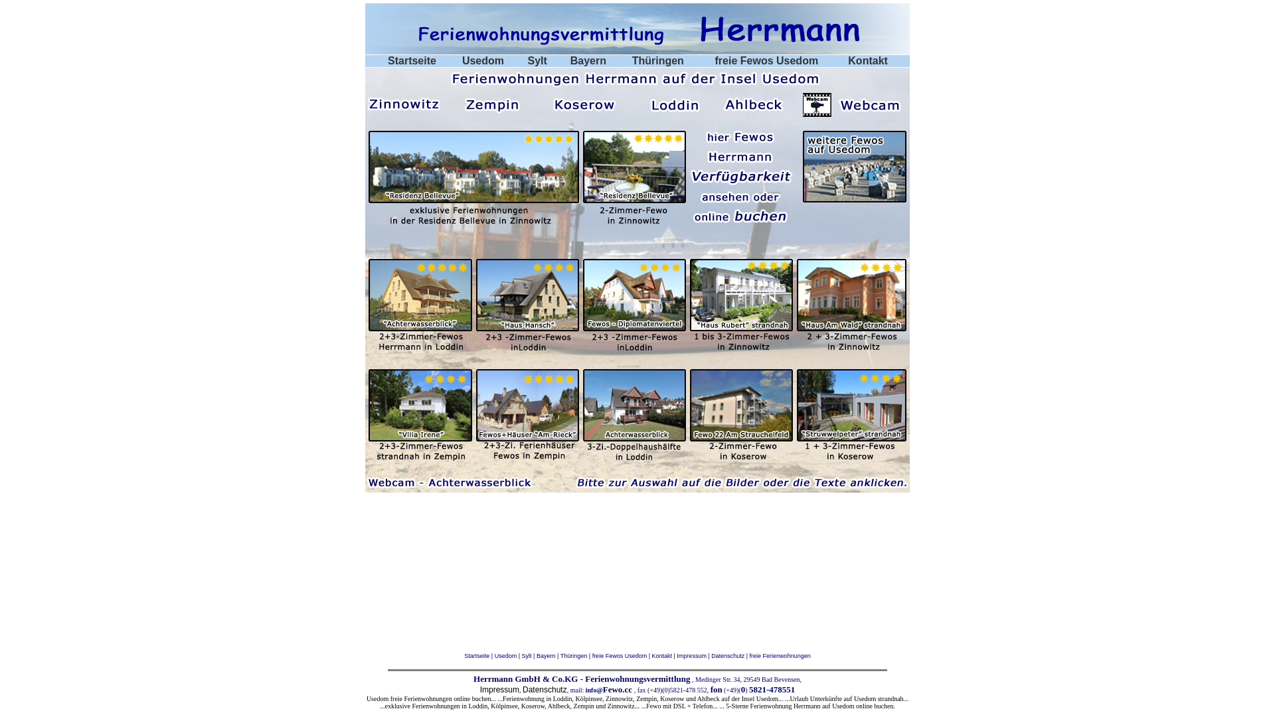  What do you see at coordinates (478, 655) in the screenshot?
I see `'Startseite | '` at bounding box center [478, 655].